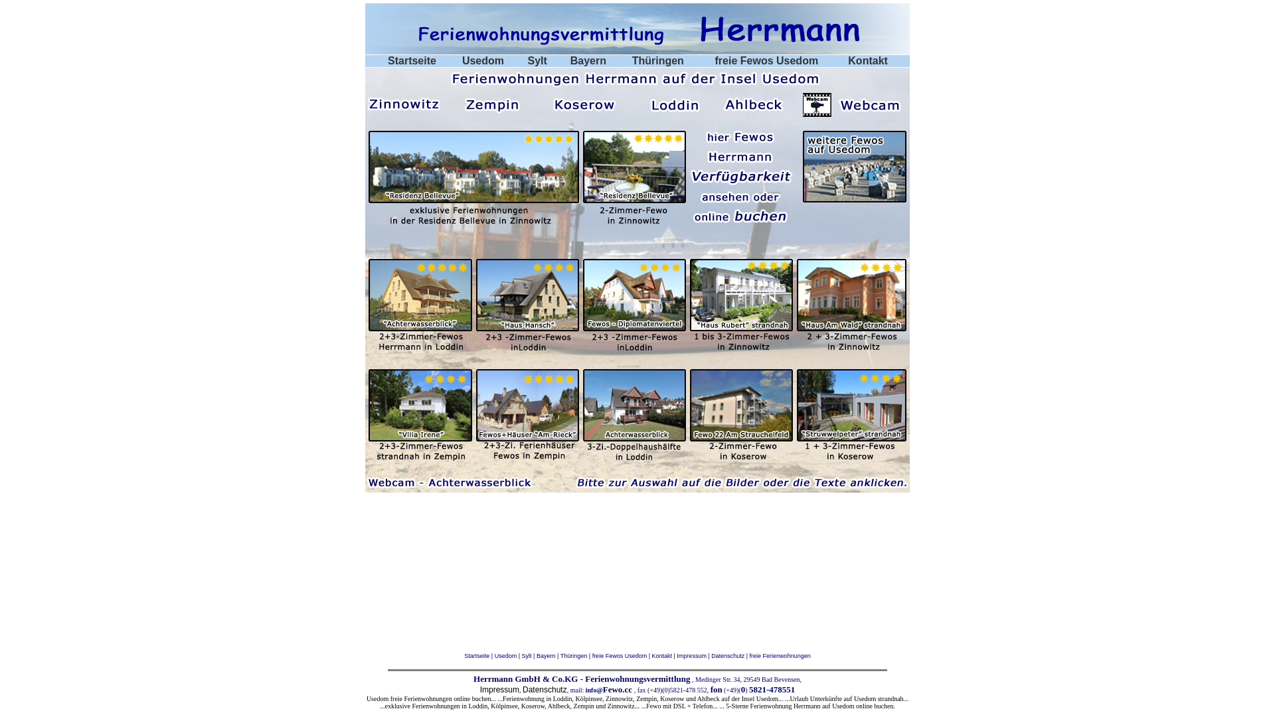  What do you see at coordinates (478, 655) in the screenshot?
I see `'Startseite | '` at bounding box center [478, 655].